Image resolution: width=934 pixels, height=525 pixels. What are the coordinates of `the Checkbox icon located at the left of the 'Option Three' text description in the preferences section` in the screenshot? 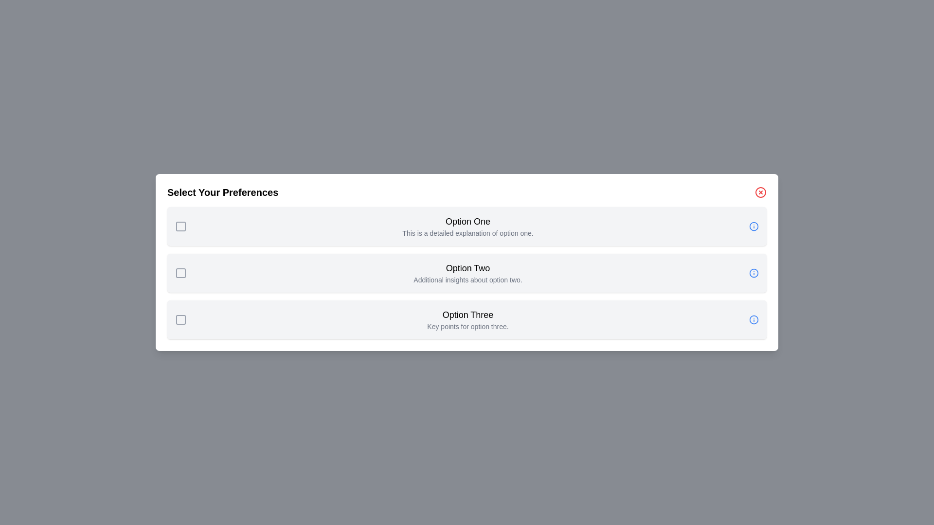 It's located at (181, 320).